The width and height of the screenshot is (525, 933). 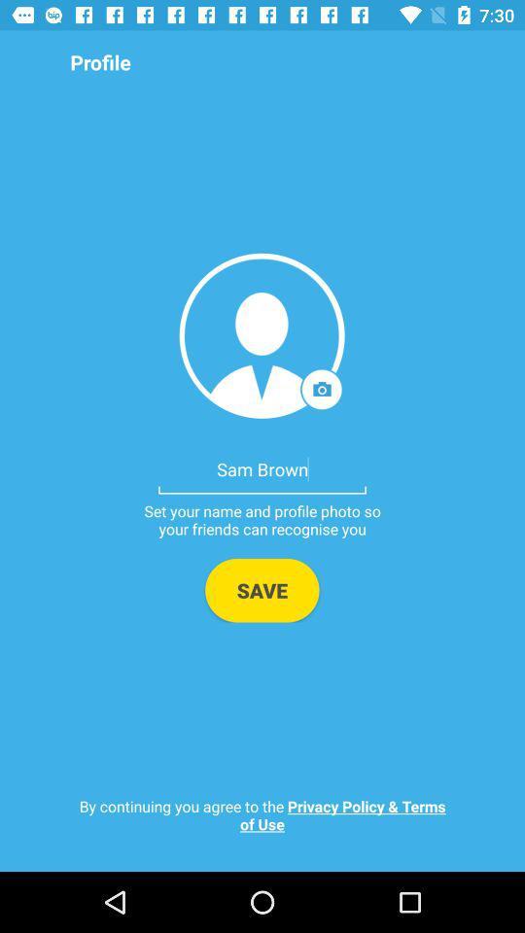 What do you see at coordinates (262, 814) in the screenshot?
I see `the icon below the save icon` at bounding box center [262, 814].